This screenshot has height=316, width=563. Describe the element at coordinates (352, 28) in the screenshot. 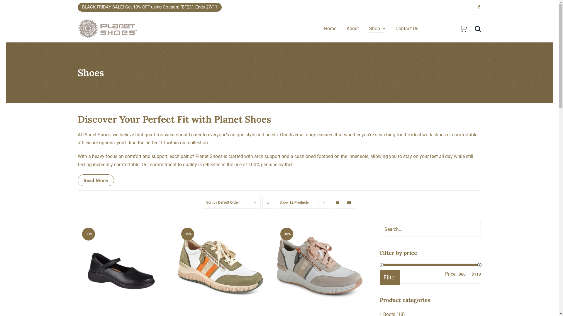

I see `'About'` at that location.